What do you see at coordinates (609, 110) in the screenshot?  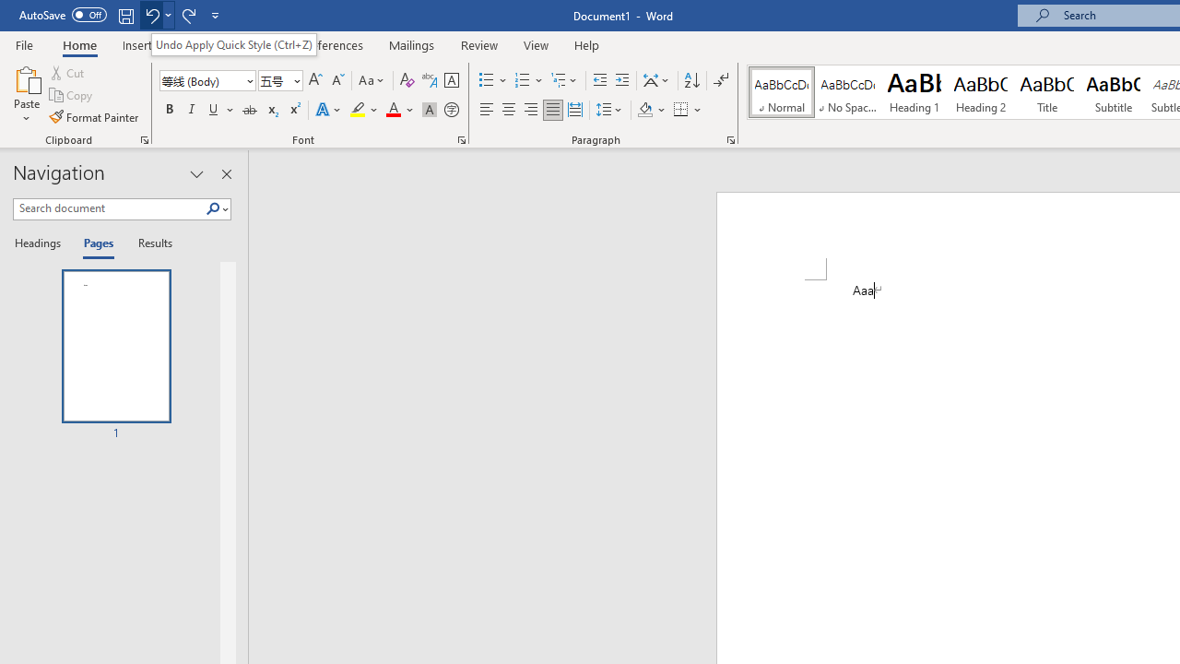 I see `'Line and Paragraph Spacing'` at bounding box center [609, 110].